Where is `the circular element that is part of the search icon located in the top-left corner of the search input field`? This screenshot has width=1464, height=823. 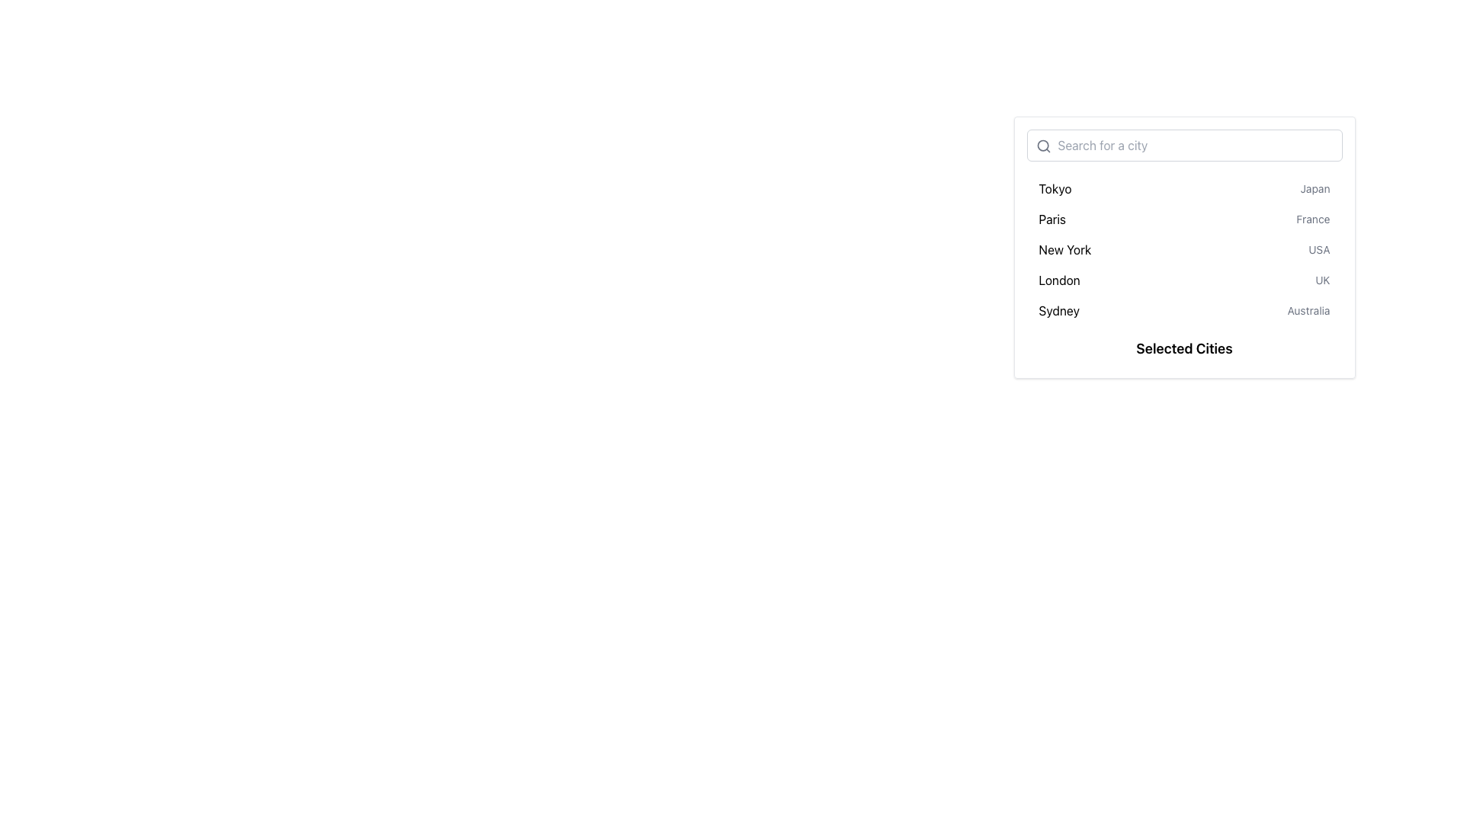 the circular element that is part of the search icon located in the top-left corner of the search input field is located at coordinates (1042, 146).